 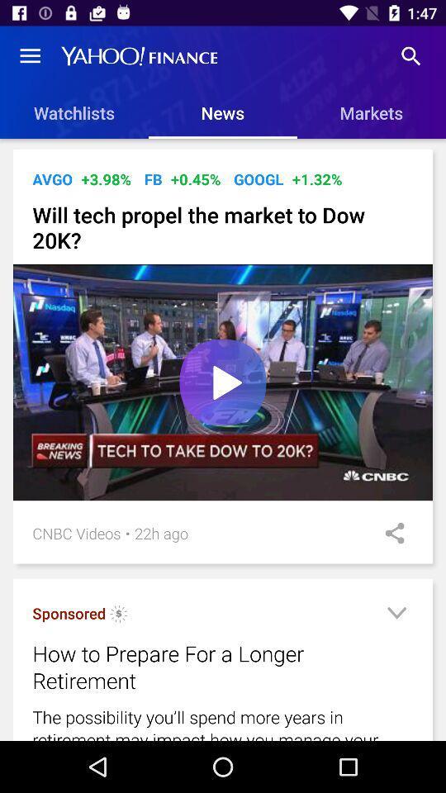 I want to click on icon below how to prepare, so click(x=223, y=722).